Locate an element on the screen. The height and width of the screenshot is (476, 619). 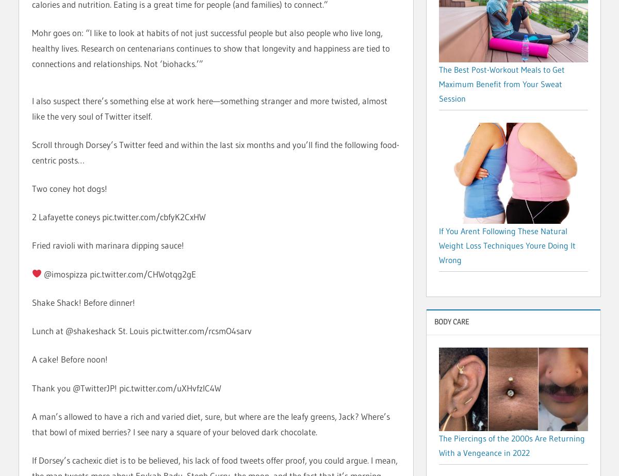
'Mohr goes on: “I like to look at habits of not just successful people but also people who live long, healthy lives. Research on centenarians continues to show that longevity and happiness are tied to connections and relationships. Not ‘biohacks.’”' is located at coordinates (210, 48).